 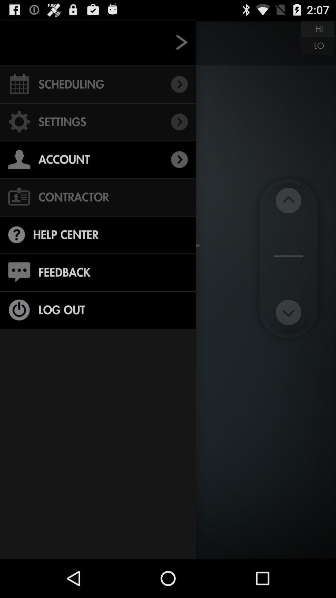 I want to click on upward arrow buton at right middle, so click(x=288, y=200).